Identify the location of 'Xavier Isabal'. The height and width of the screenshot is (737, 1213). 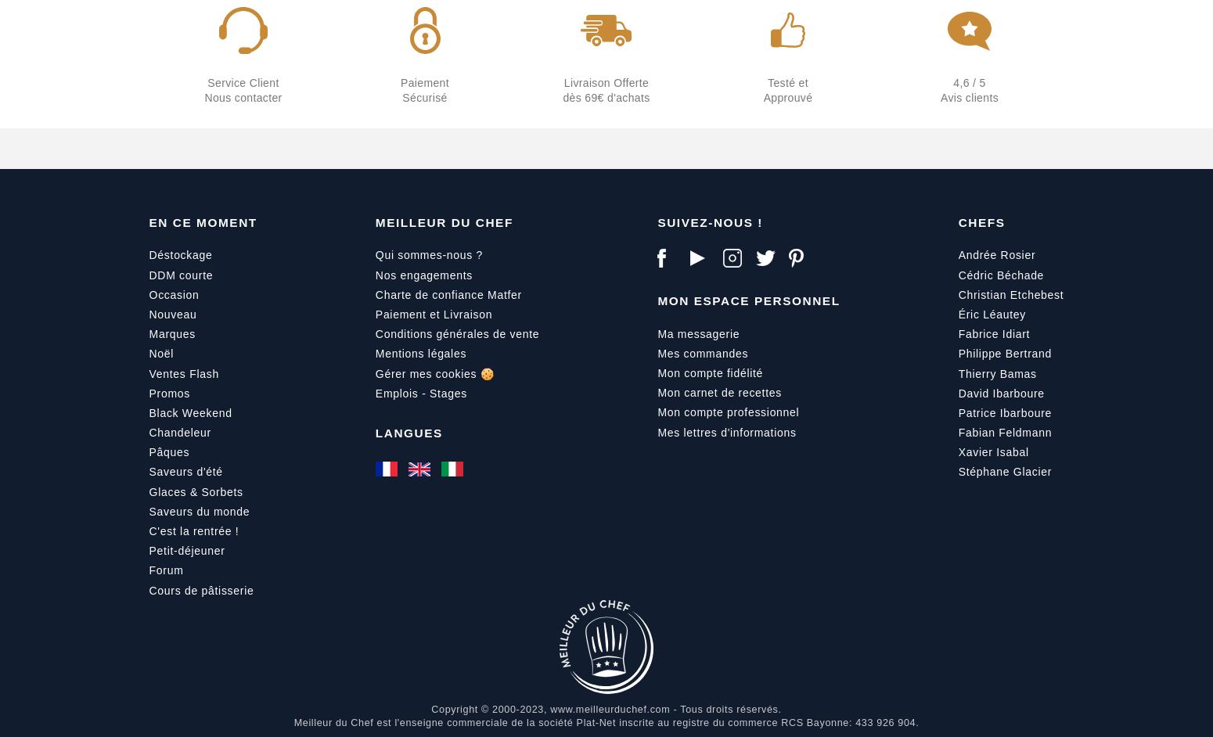
(992, 452).